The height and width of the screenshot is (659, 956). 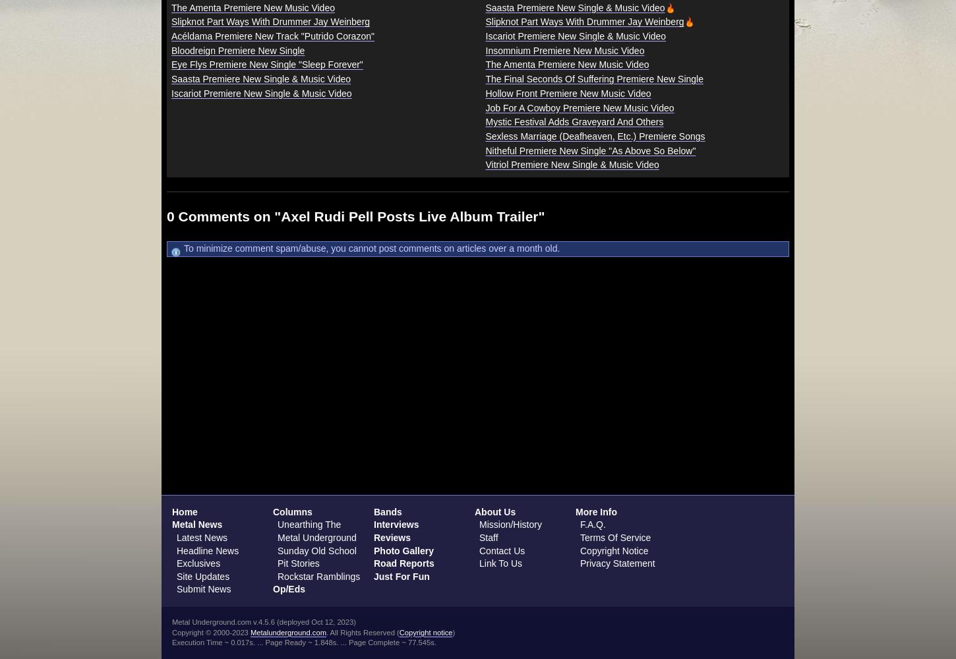 What do you see at coordinates (272, 36) in the screenshot?
I see `'Acéldama Premiere New Track "Putrido Corazon"'` at bounding box center [272, 36].